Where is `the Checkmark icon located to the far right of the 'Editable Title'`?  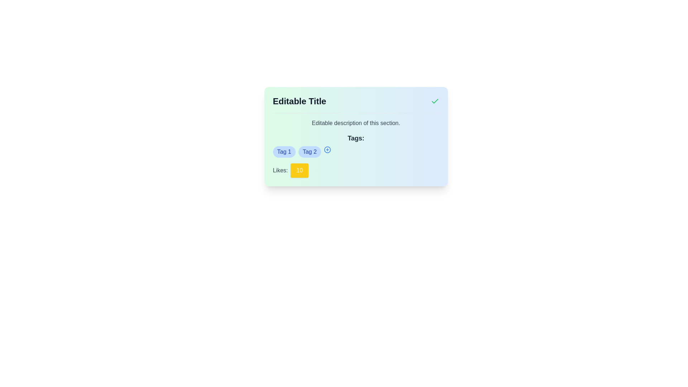
the Checkmark icon located to the far right of the 'Editable Title' is located at coordinates (434, 101).